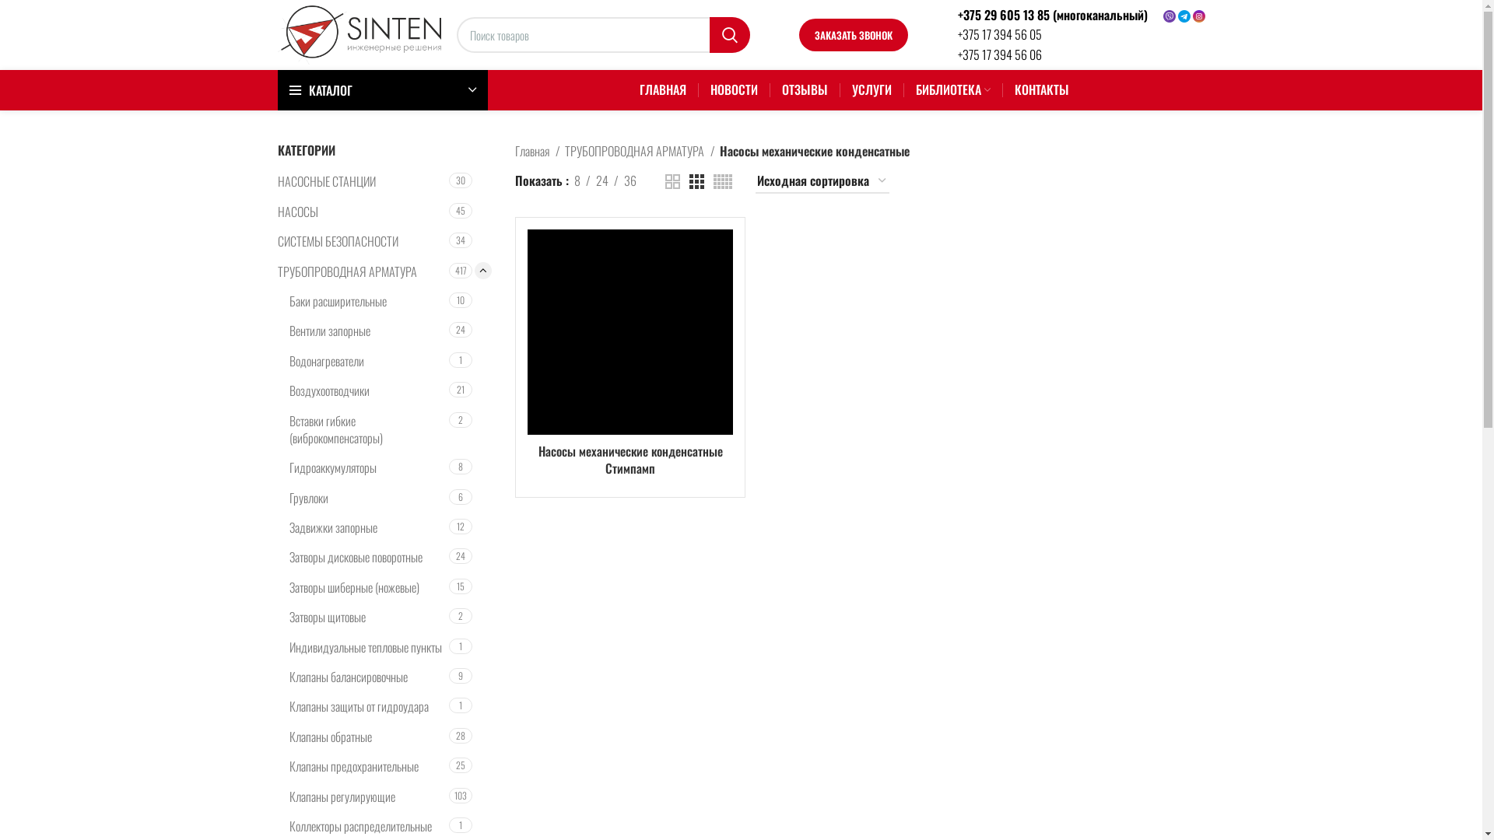 This screenshot has height=840, width=1494. What do you see at coordinates (601, 180) in the screenshot?
I see `'24'` at bounding box center [601, 180].